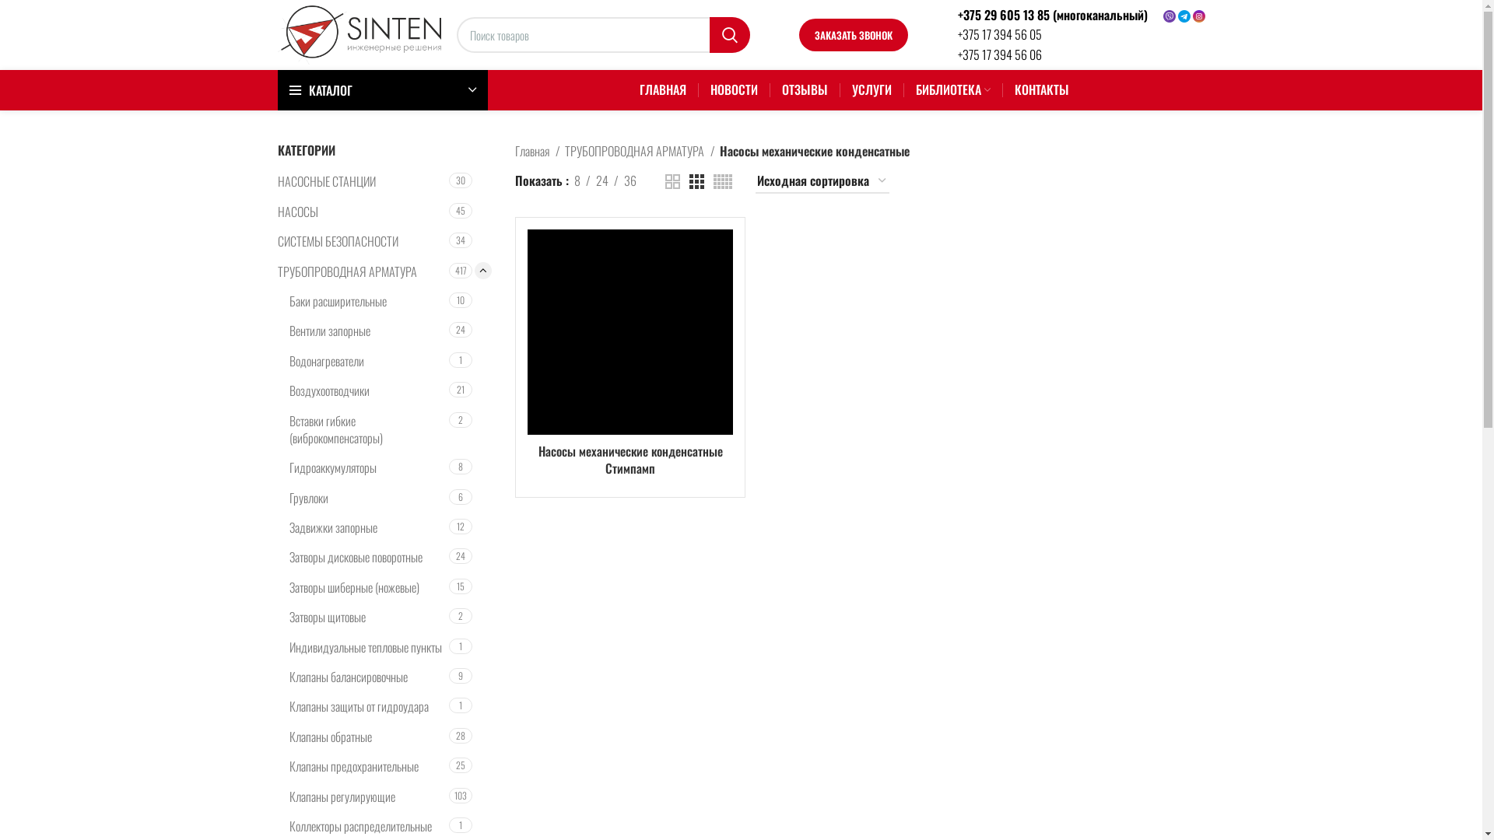 This screenshot has height=840, width=1494. What do you see at coordinates (601, 180) in the screenshot?
I see `'24'` at bounding box center [601, 180].